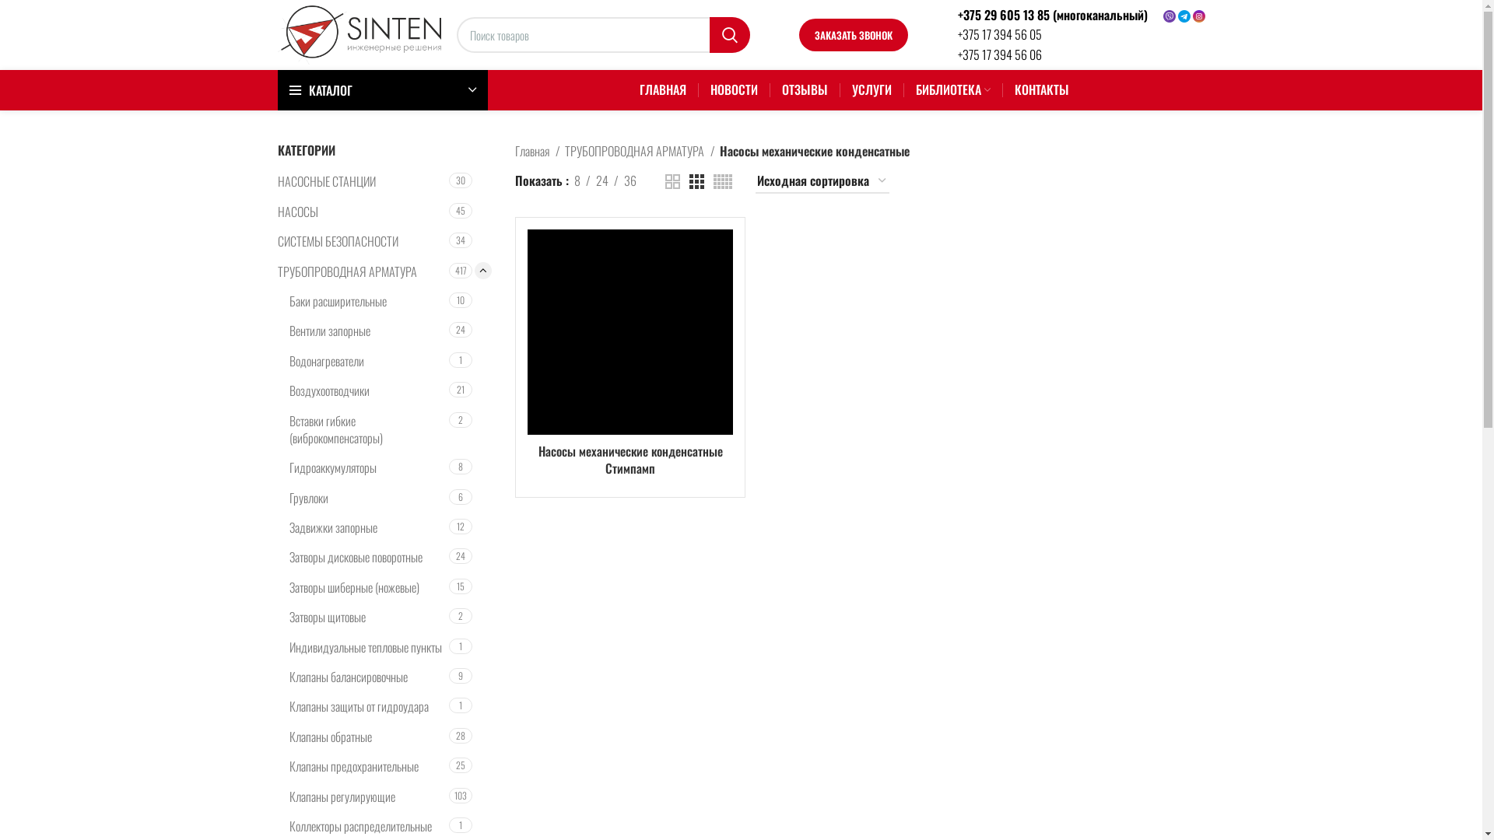 This screenshot has height=840, width=1494. What do you see at coordinates (601, 180) in the screenshot?
I see `'24'` at bounding box center [601, 180].